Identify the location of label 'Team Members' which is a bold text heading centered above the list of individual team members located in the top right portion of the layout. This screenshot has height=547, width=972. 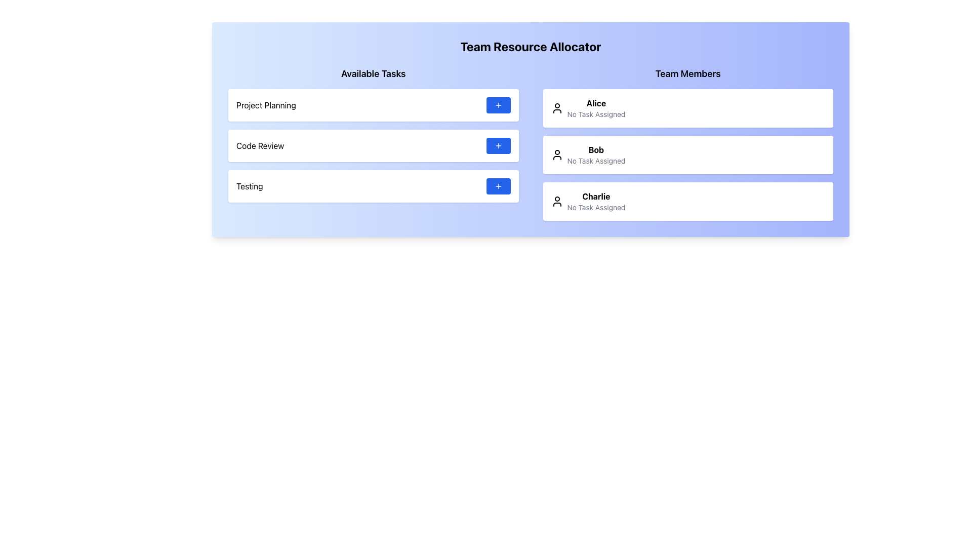
(688, 73).